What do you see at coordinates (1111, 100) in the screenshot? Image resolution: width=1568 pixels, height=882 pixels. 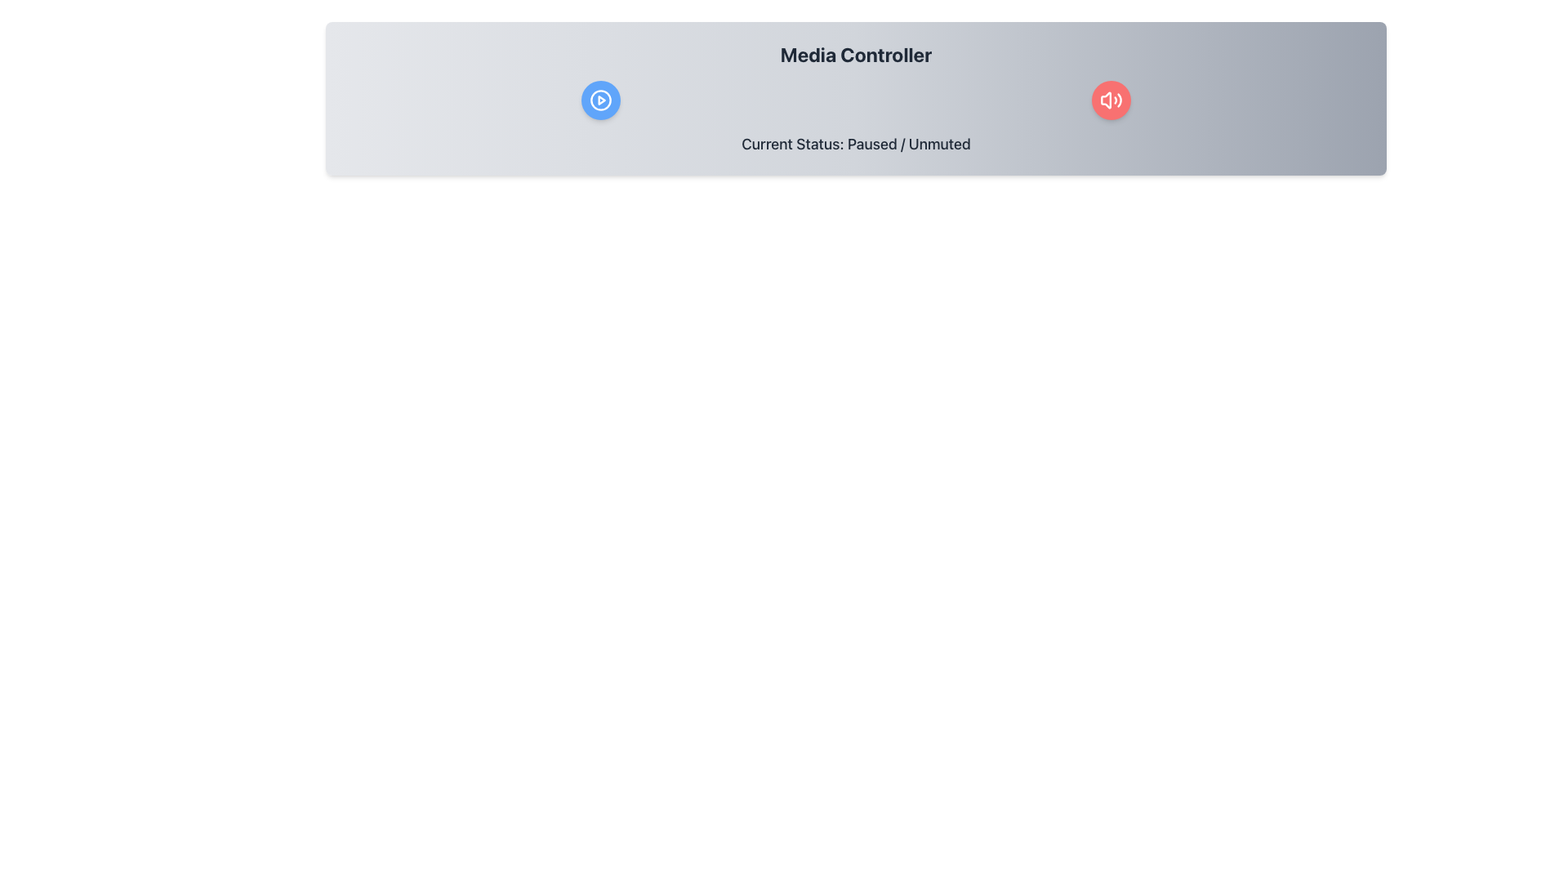 I see `the mute/unmute button located in the top-right corner of the media controller interface, next to a blue circular button` at bounding box center [1111, 100].